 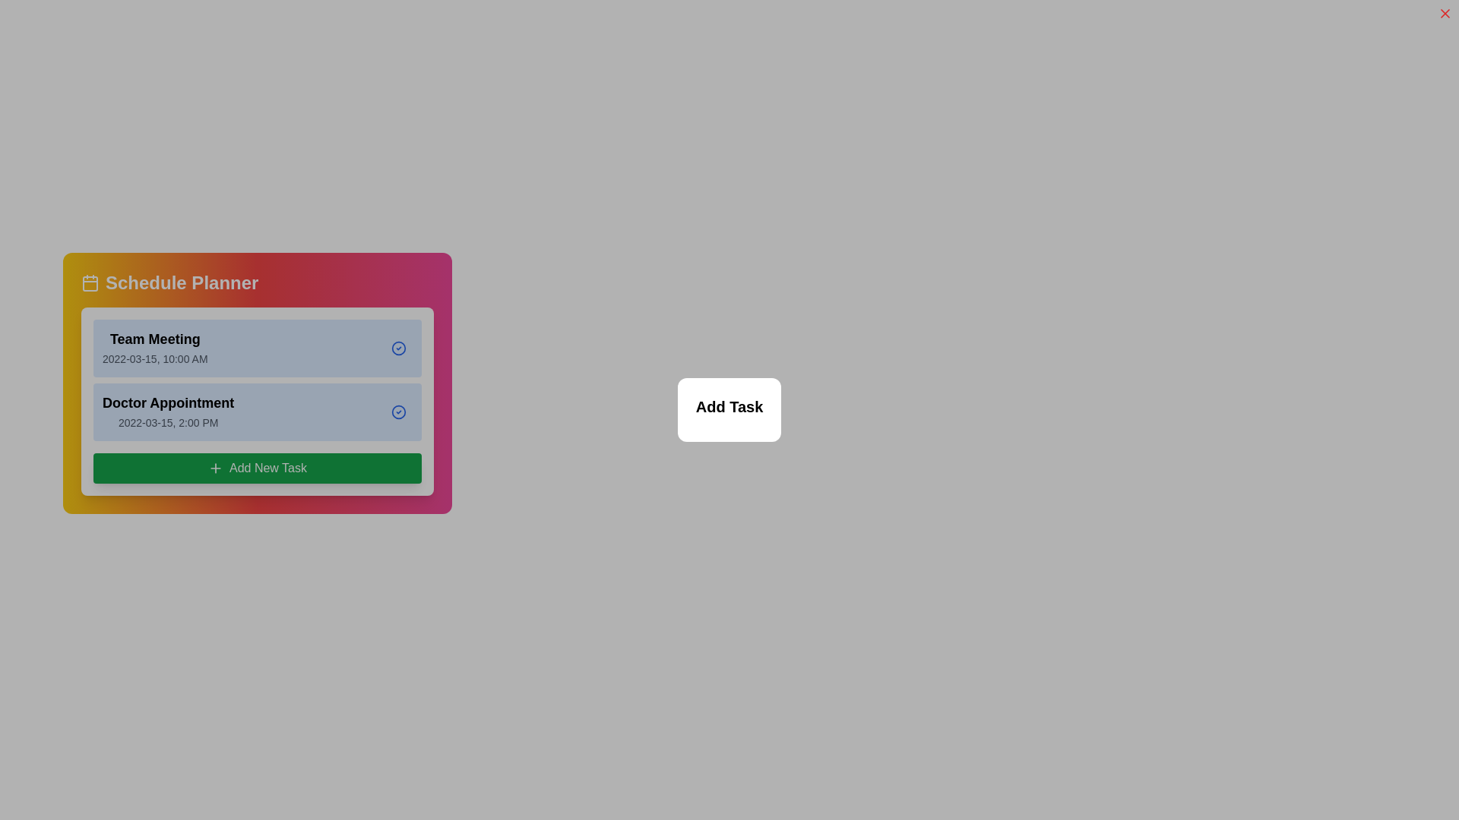 I want to click on the rectangular component with rounded corners located inside the calendar icon, adjacent to the text 'Schedule Planner', so click(x=90, y=284).